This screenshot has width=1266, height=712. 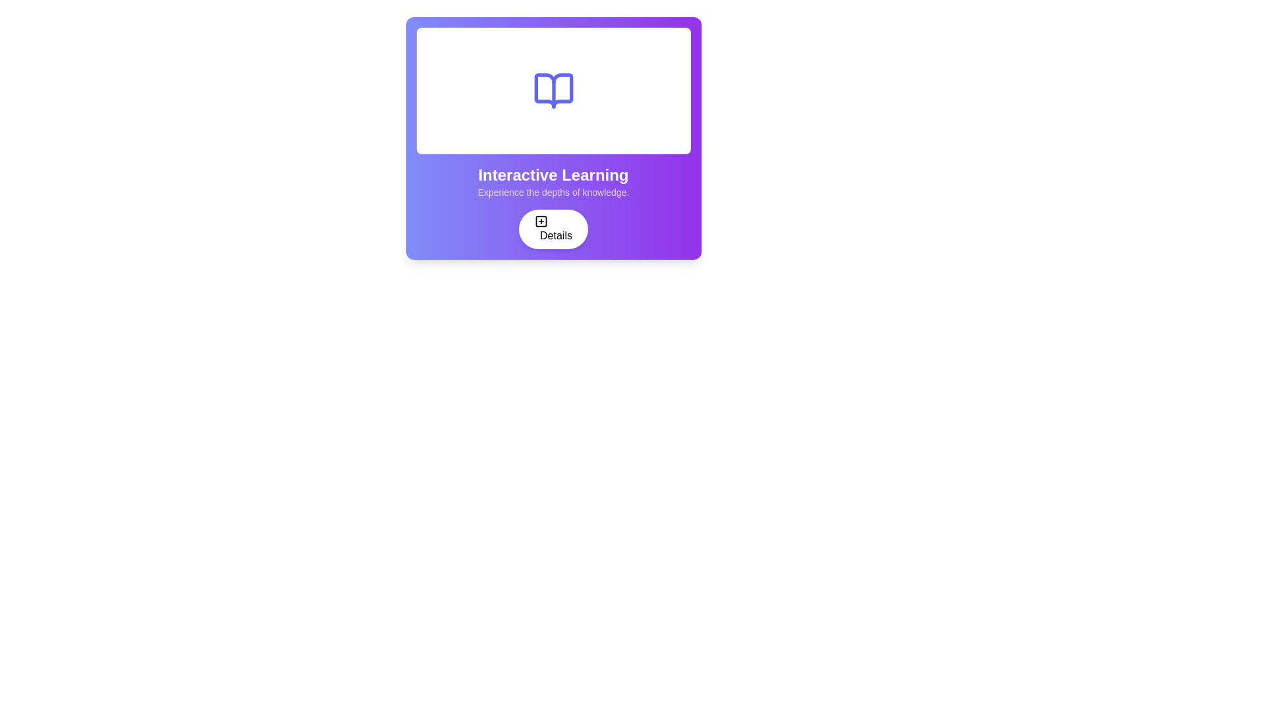 I want to click on the Text label located on the rightmost side of a rounded button with a shadow, which provides access to additional details or information, so click(x=556, y=235).